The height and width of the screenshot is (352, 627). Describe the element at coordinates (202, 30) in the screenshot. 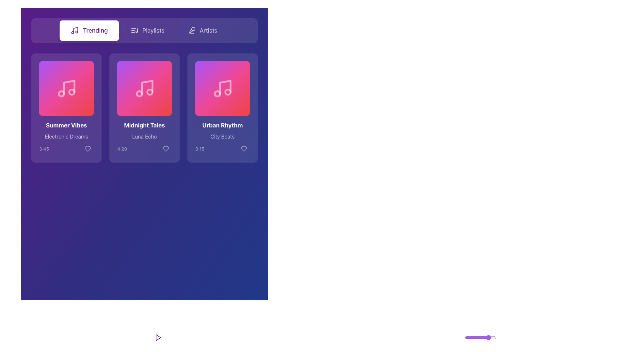

I see `the 'Artists' button located in the horizontal navigation bar` at that location.